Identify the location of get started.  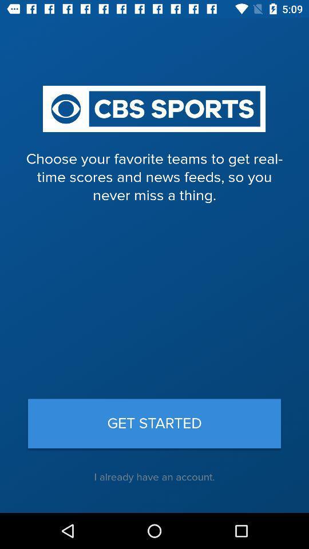
(154, 423).